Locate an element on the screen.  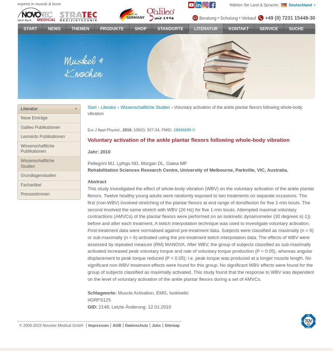
'AGB' is located at coordinates (116, 325).